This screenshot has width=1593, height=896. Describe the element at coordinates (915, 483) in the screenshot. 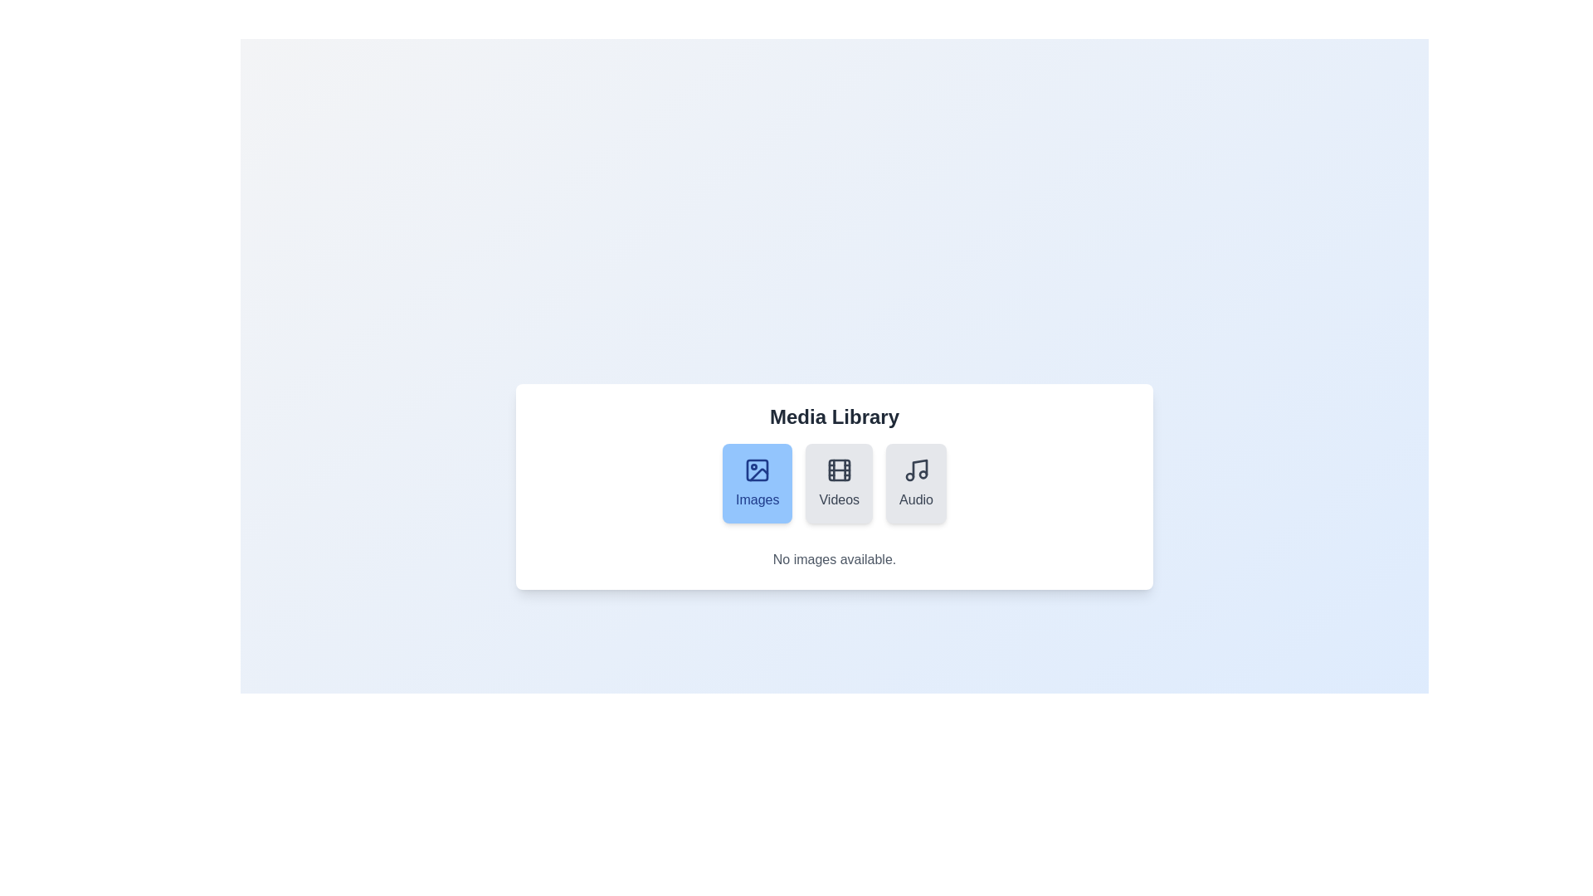

I see `the 'Audio' button to switch to the audio category` at that location.